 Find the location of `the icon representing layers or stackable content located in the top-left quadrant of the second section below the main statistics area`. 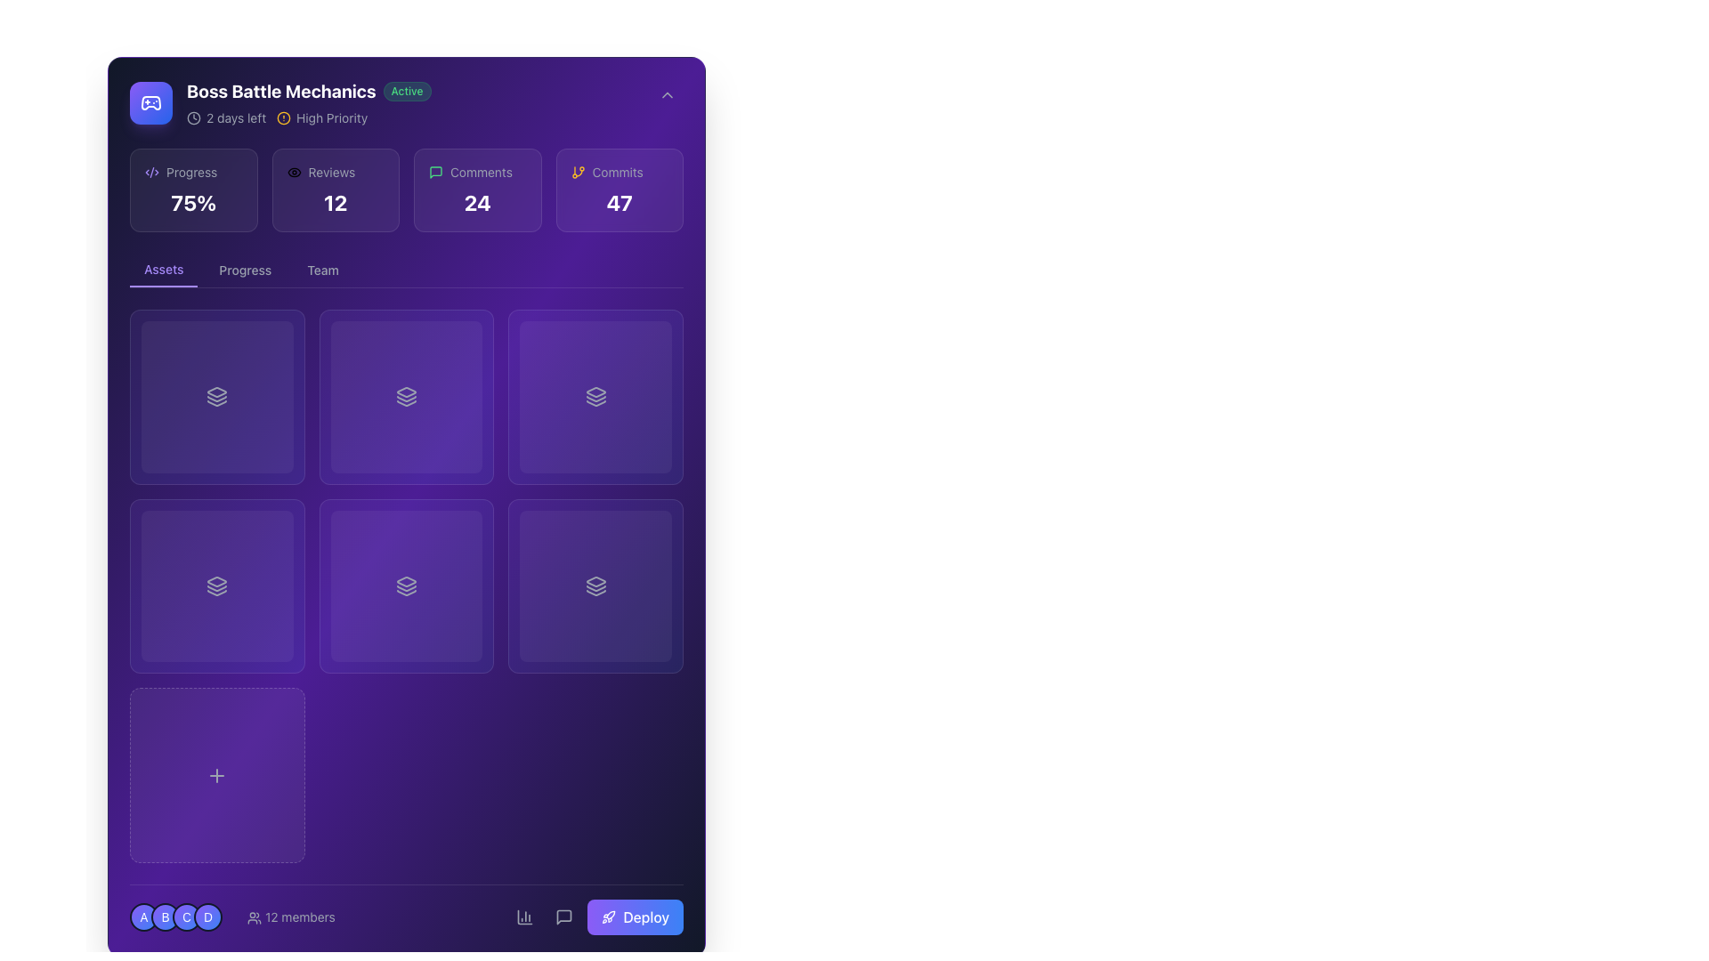

the icon representing layers or stackable content located in the top-left quadrant of the second section below the main statistics area is located at coordinates (216, 396).